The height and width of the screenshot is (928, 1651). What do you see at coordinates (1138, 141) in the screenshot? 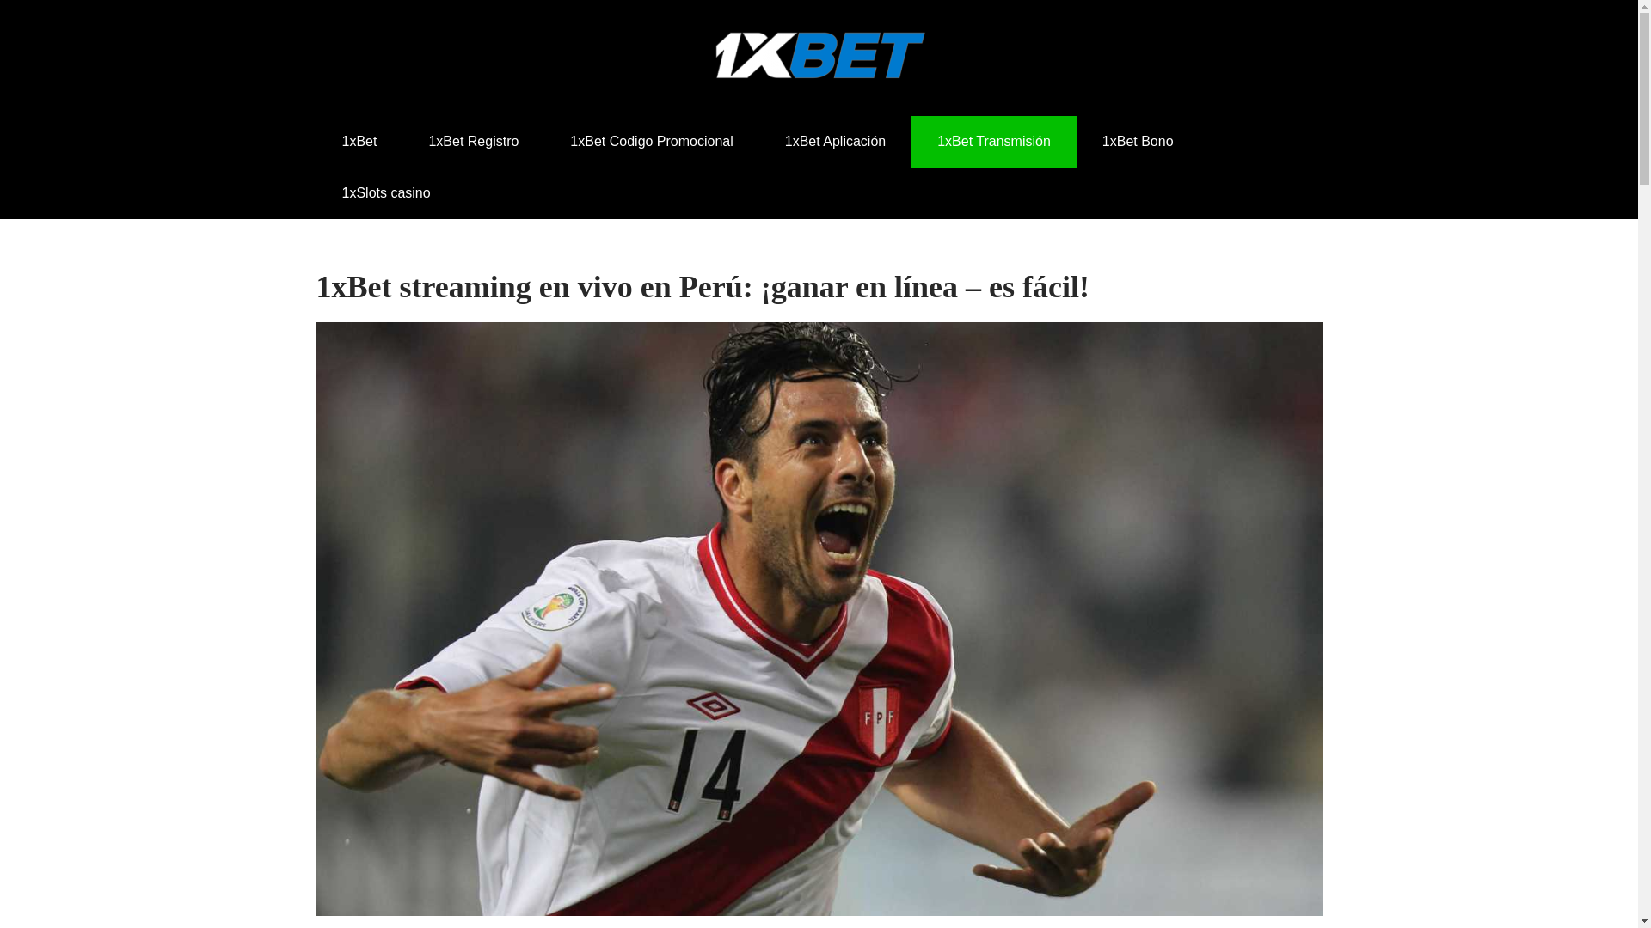
I see `'1xBet Bono'` at bounding box center [1138, 141].